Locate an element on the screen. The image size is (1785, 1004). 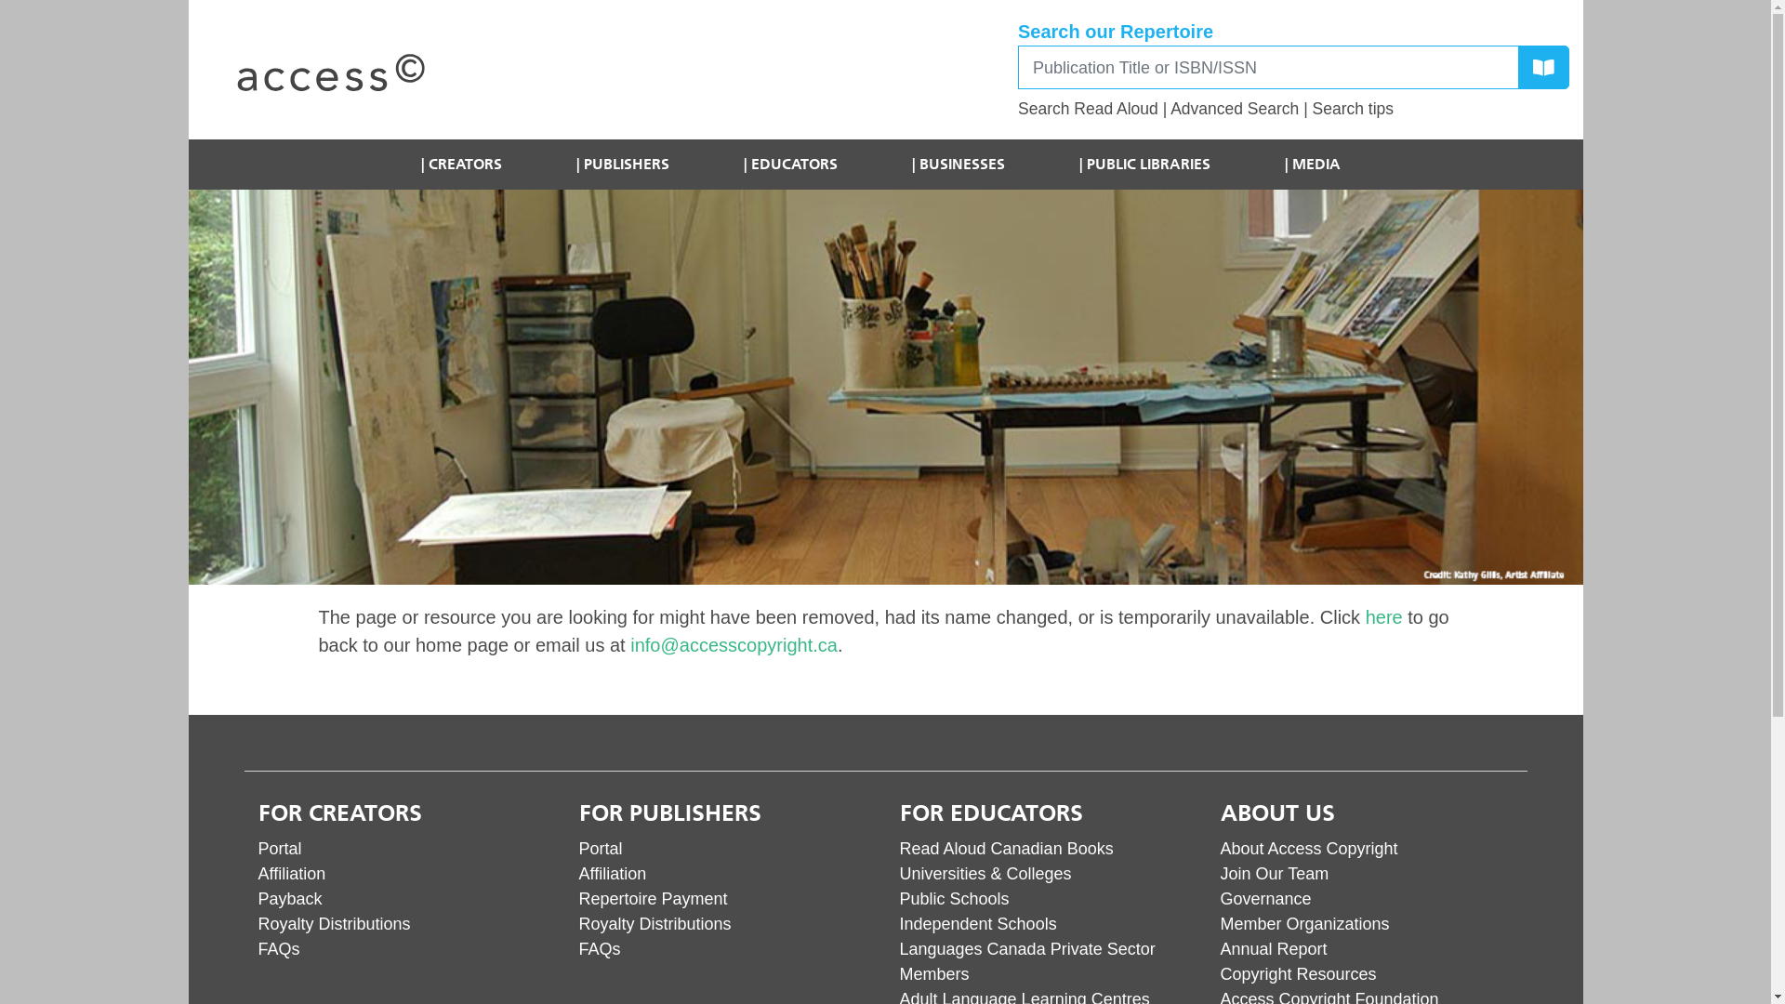
'EDUCATORS' is located at coordinates (723, 164).